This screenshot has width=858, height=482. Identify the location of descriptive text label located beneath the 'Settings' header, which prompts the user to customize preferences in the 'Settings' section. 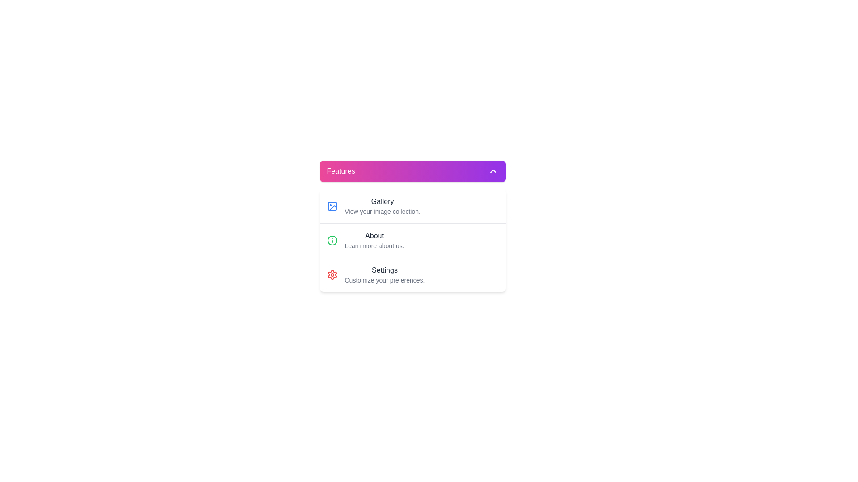
(384, 280).